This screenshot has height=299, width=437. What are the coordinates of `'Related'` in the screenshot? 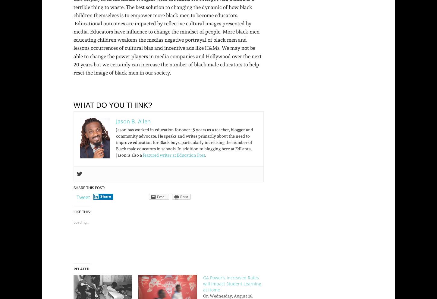 It's located at (81, 269).